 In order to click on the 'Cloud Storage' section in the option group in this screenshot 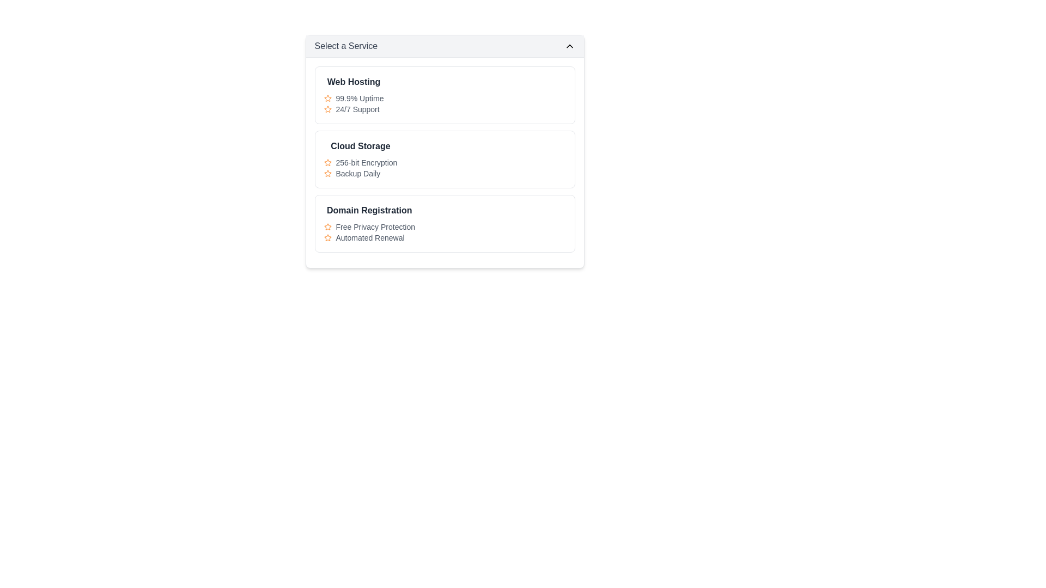, I will do `click(445, 151)`.